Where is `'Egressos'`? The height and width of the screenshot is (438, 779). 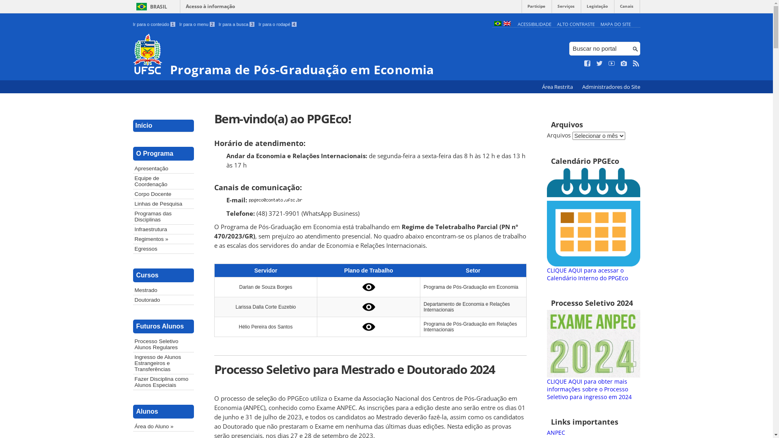 'Egressos' is located at coordinates (133, 248).